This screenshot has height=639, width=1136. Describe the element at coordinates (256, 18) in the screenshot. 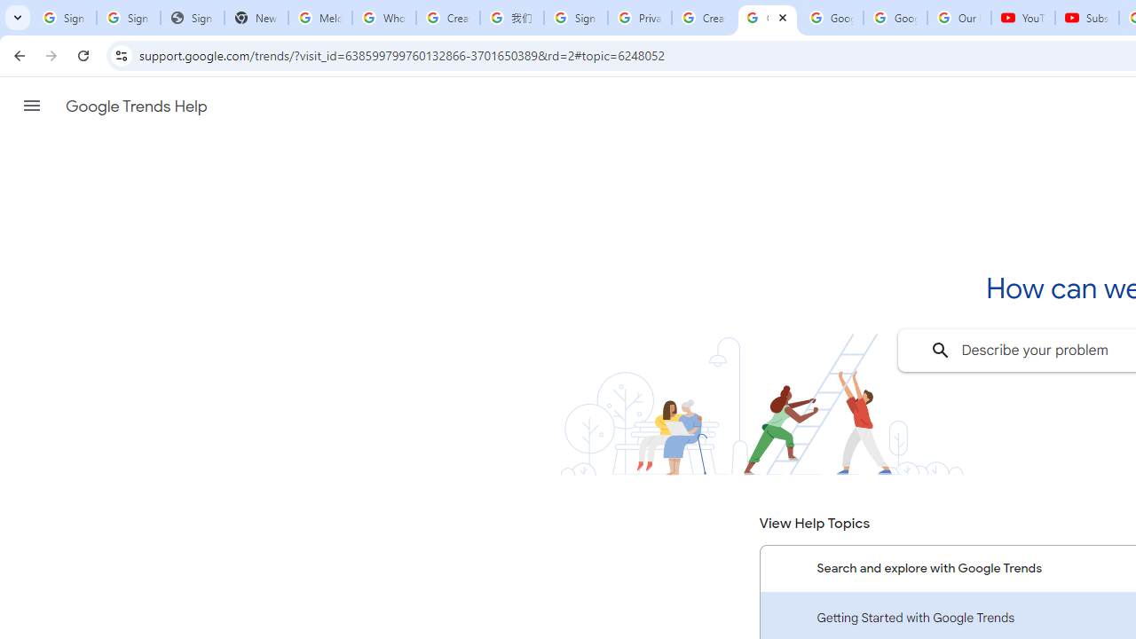

I see `'New Tab'` at that location.